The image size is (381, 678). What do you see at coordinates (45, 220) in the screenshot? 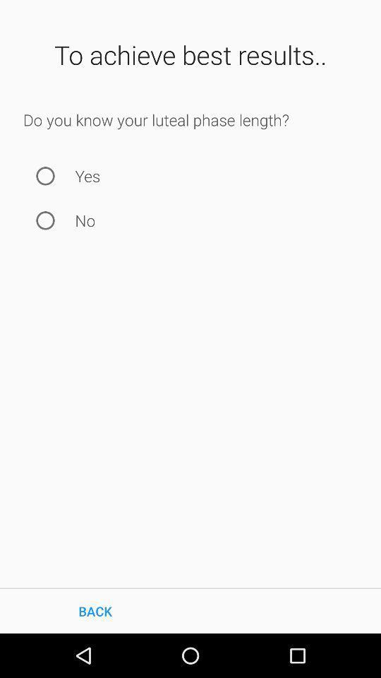
I see `item to the left of the no item` at bounding box center [45, 220].